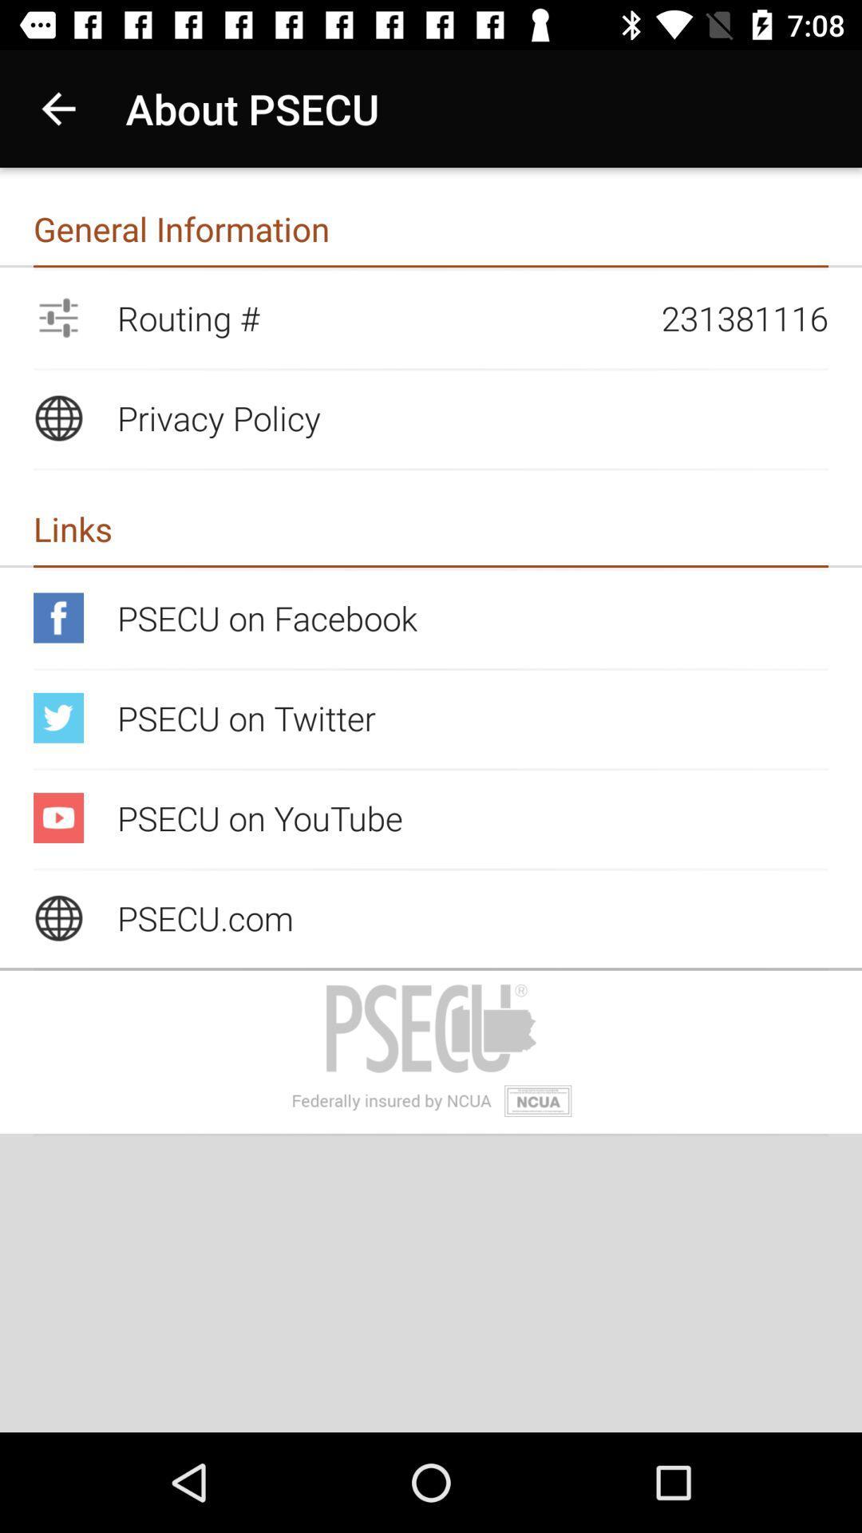  Describe the element at coordinates (57, 108) in the screenshot. I see `the icon above the general information` at that location.